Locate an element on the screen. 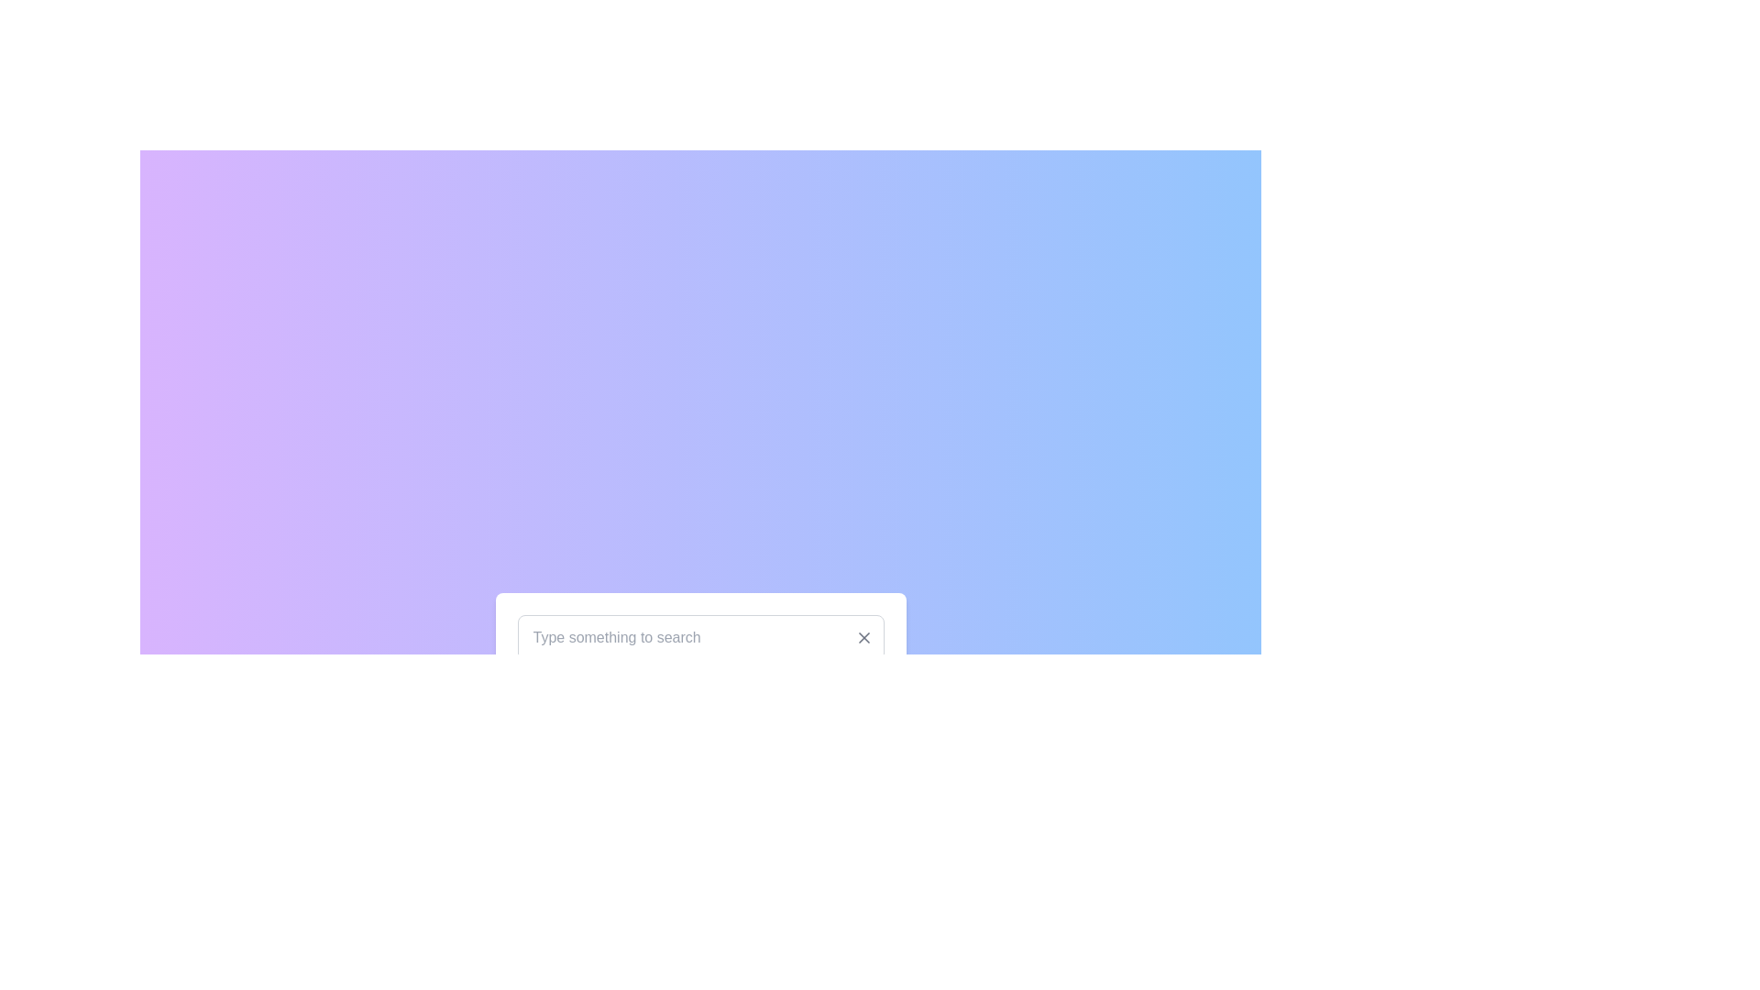 This screenshot has height=990, width=1760. the central search input field located in the middle of the panel to activate focus effects is located at coordinates (699, 636).